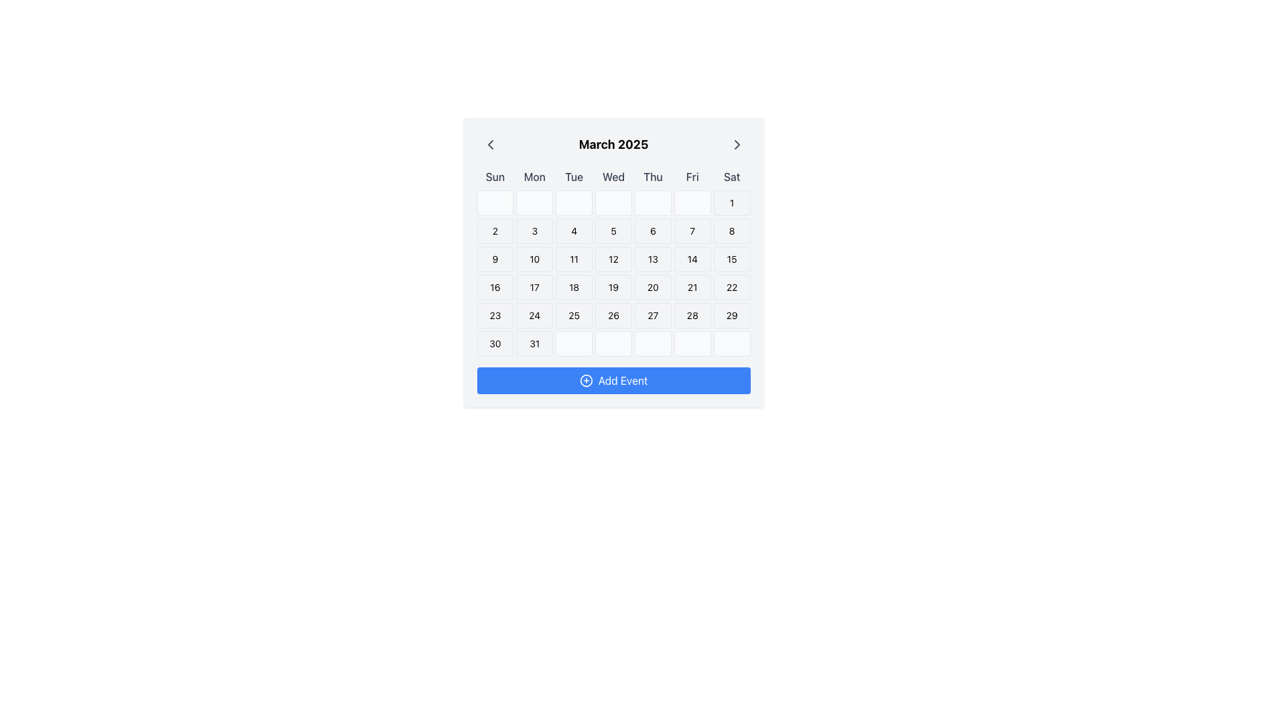  What do you see at coordinates (692, 343) in the screenshot?
I see `the sixth cell in the sixth row of the calendar grid` at bounding box center [692, 343].